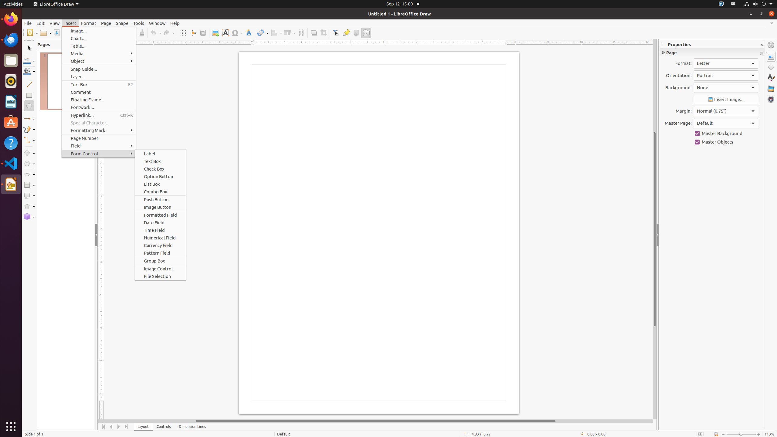 The width and height of the screenshot is (777, 437). Describe the element at coordinates (99, 107) in the screenshot. I see `'Fontwork...'` at that location.